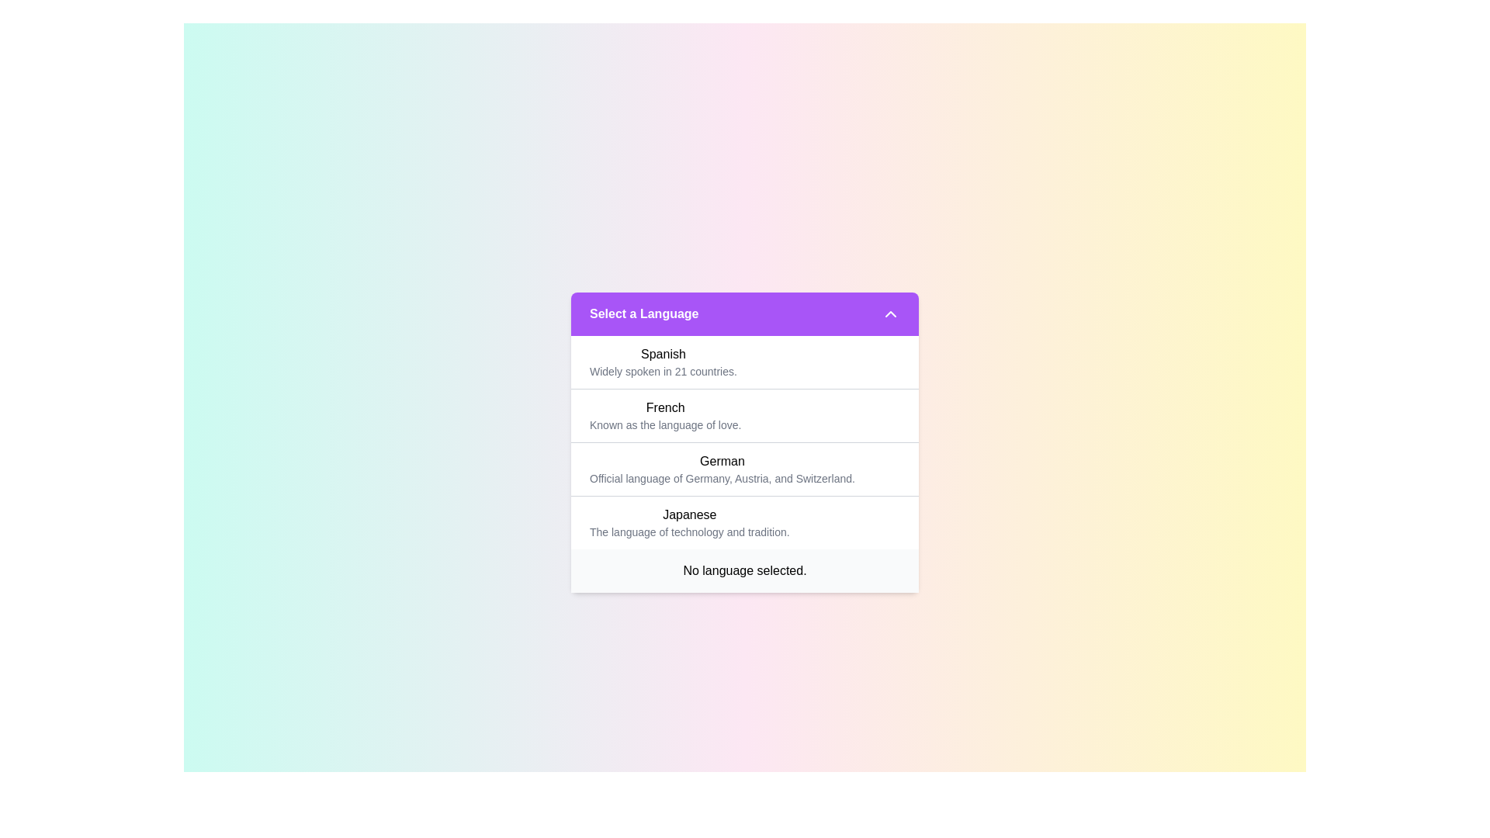 This screenshot has width=1490, height=838. What do you see at coordinates (688, 531) in the screenshot?
I see `the gray Text Label located beneath the bold text 'Japanese' in the fourth item of the language selection dropdown menu` at bounding box center [688, 531].